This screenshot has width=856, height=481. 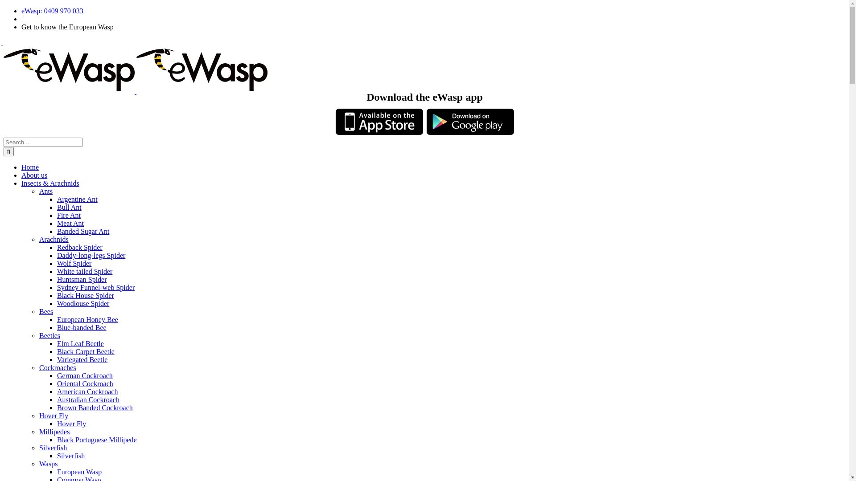 What do you see at coordinates (53, 448) in the screenshot?
I see `'Silverfish'` at bounding box center [53, 448].